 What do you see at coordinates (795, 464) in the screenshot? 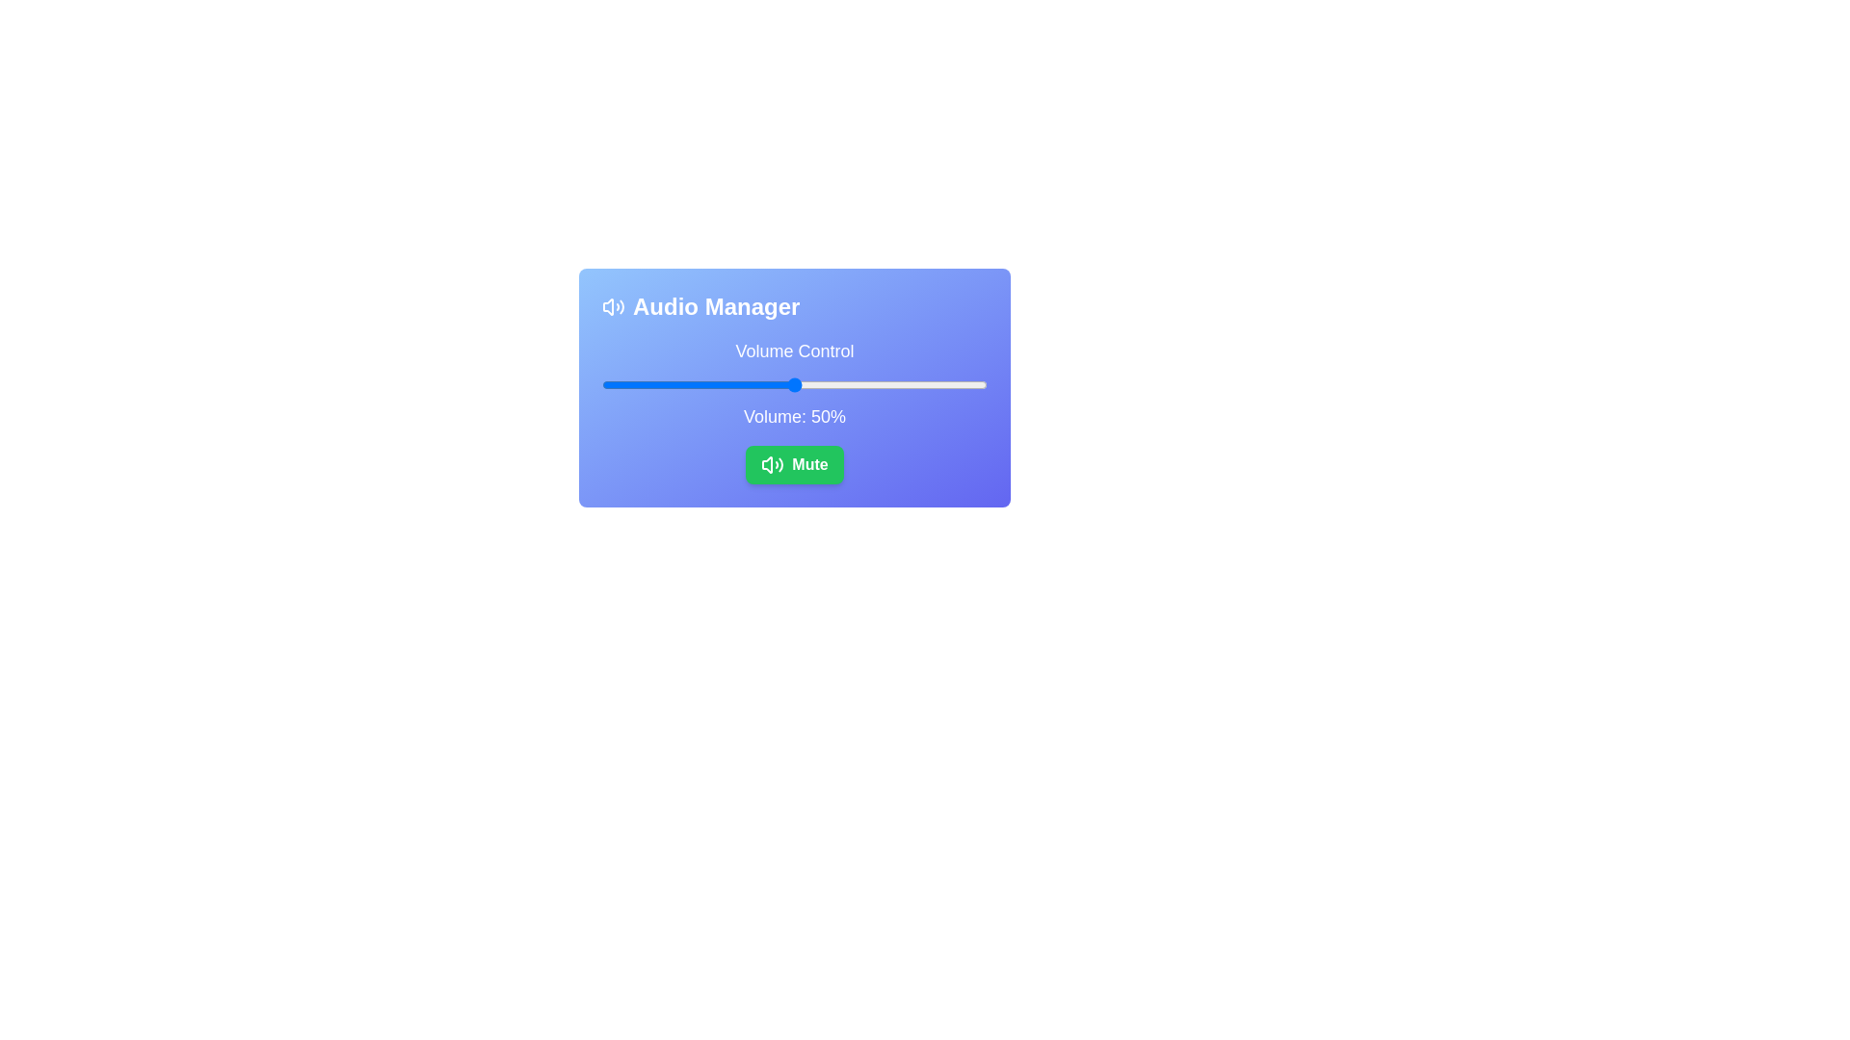
I see `the 'Mute' button to toggle the mute state` at bounding box center [795, 464].